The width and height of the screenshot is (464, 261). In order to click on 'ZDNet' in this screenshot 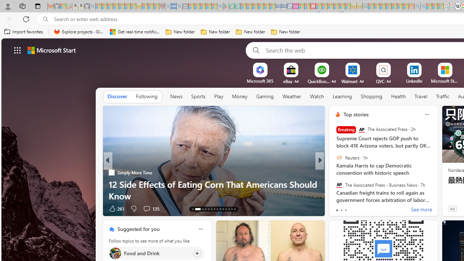, I will do `click(334, 172)`.